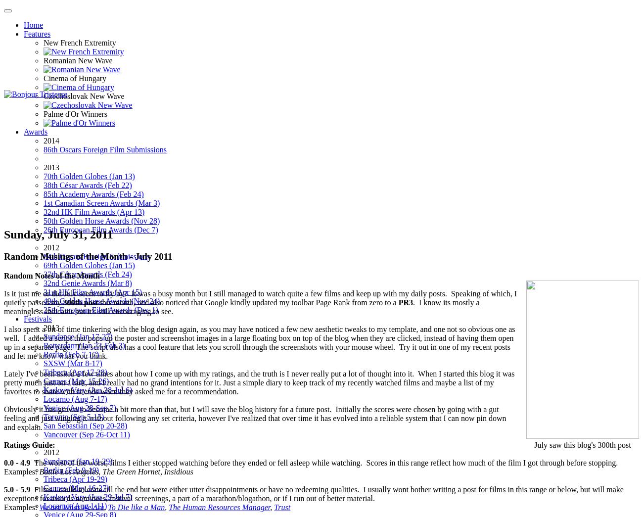 This screenshot has width=643, height=517. What do you see at coordinates (248, 301) in the screenshot?
I see `'this month, and also noticed that Google kindly updated my toolbar Page Rank from zero to a'` at bounding box center [248, 301].